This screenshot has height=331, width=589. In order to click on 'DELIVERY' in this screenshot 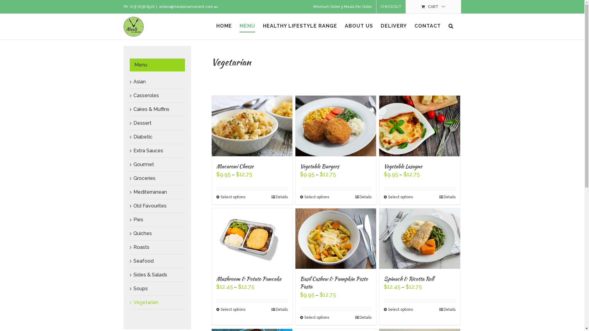, I will do `click(393, 25)`.